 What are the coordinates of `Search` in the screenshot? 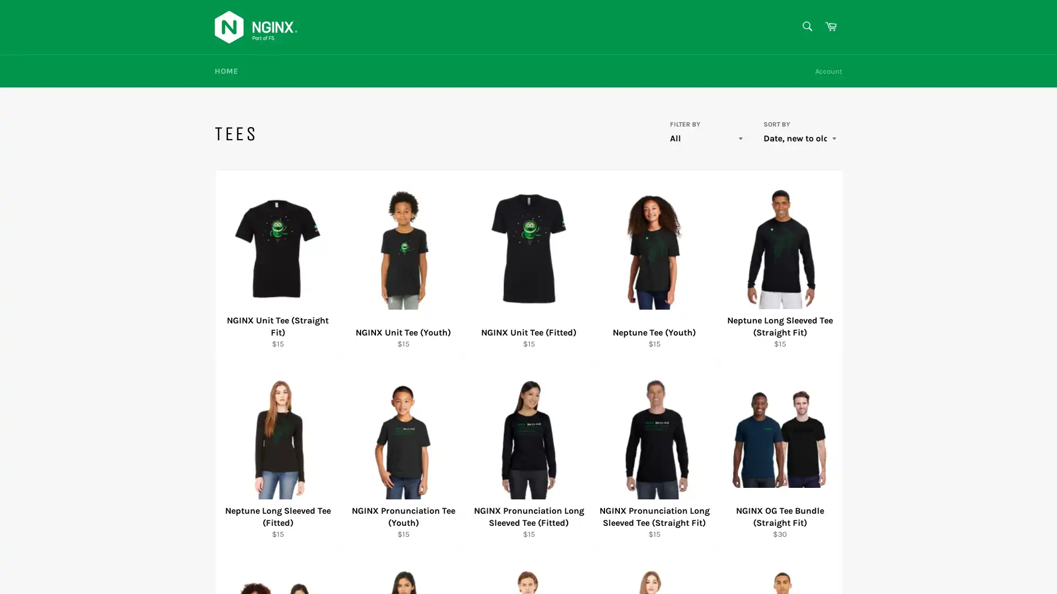 It's located at (806, 25).